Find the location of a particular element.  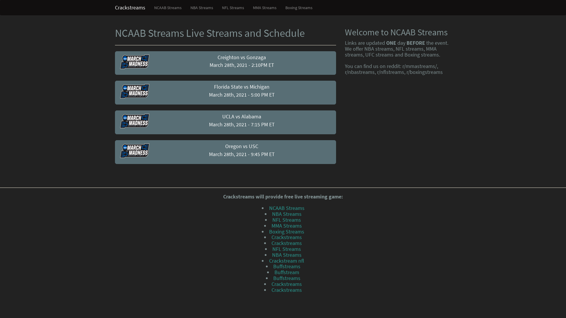

'NFL Streams' is located at coordinates (287, 220).